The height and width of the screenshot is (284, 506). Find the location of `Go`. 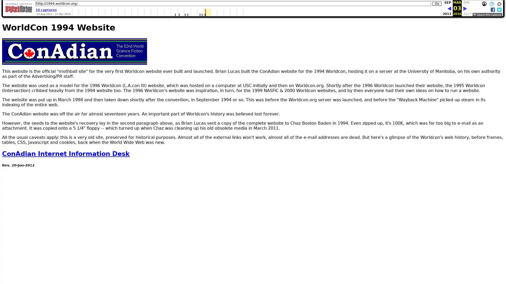

Go is located at coordinates (437, 4).